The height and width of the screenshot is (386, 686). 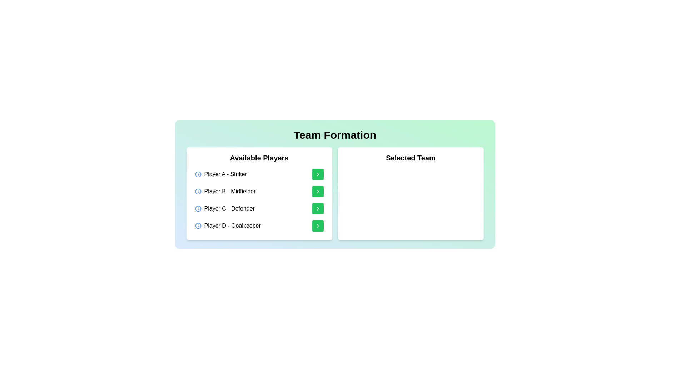 I want to click on button to select Player B - Midfielder from the available players list, so click(x=317, y=191).